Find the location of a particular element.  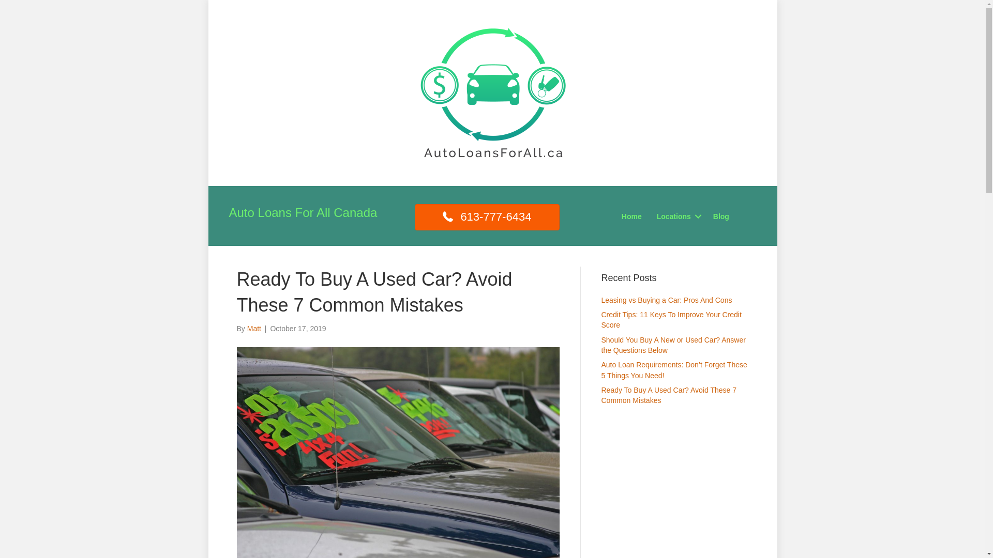

'Should You Buy A New or Used Car? Answer the Questions Below' is located at coordinates (673, 345).